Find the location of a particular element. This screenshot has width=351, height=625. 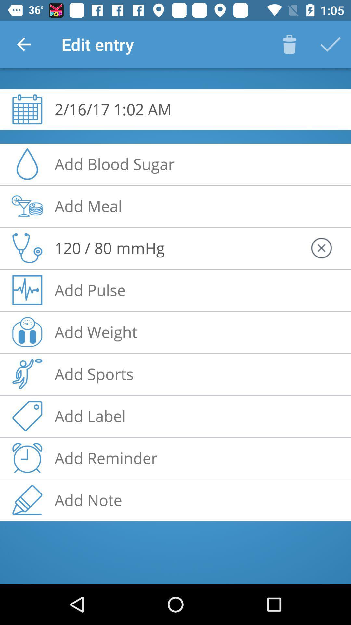

icon to the left of mmhg is located at coordinates (83, 247).